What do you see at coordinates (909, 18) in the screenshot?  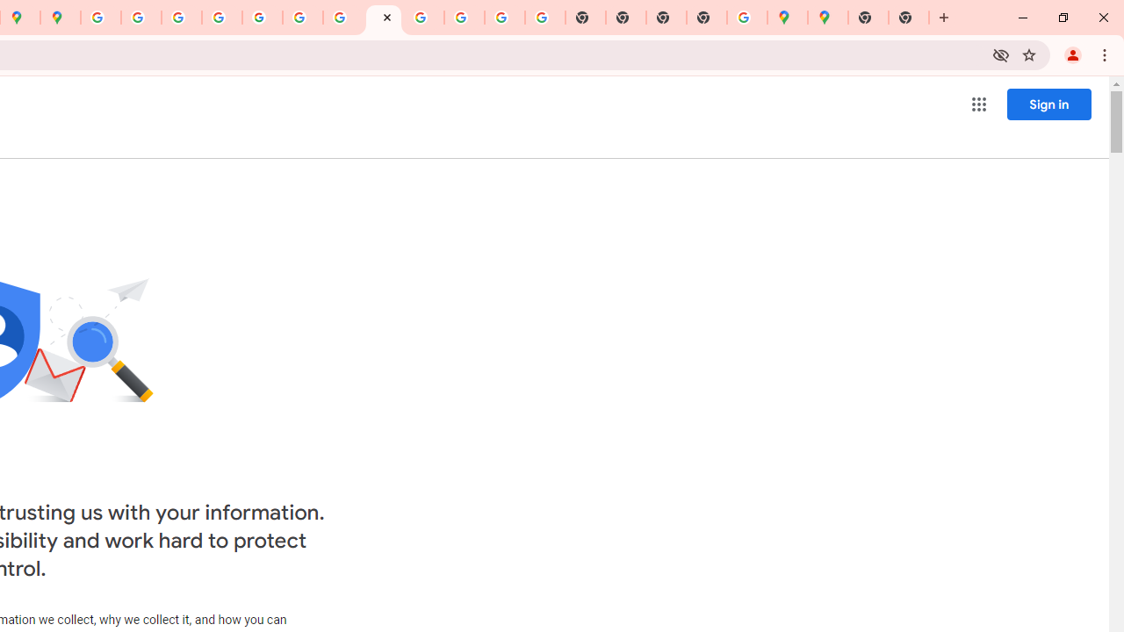 I see `'New Tab'` at bounding box center [909, 18].